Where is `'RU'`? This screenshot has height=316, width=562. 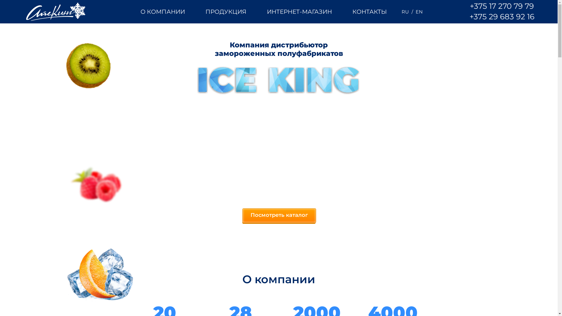 'RU' is located at coordinates (405, 11).